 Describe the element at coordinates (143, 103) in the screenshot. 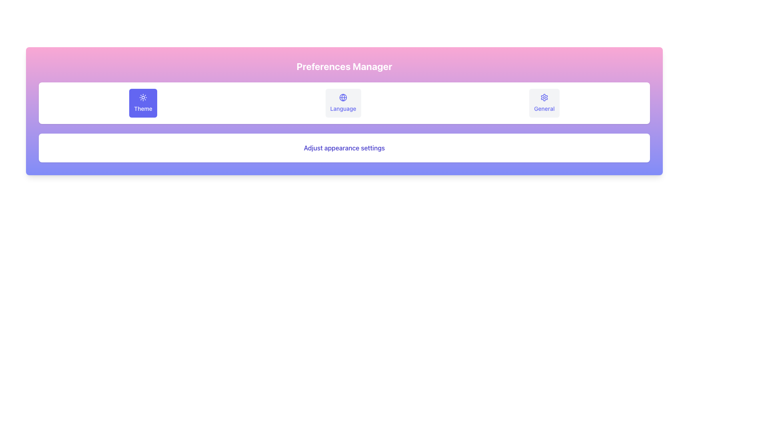

I see `the 'Theme' button` at that location.